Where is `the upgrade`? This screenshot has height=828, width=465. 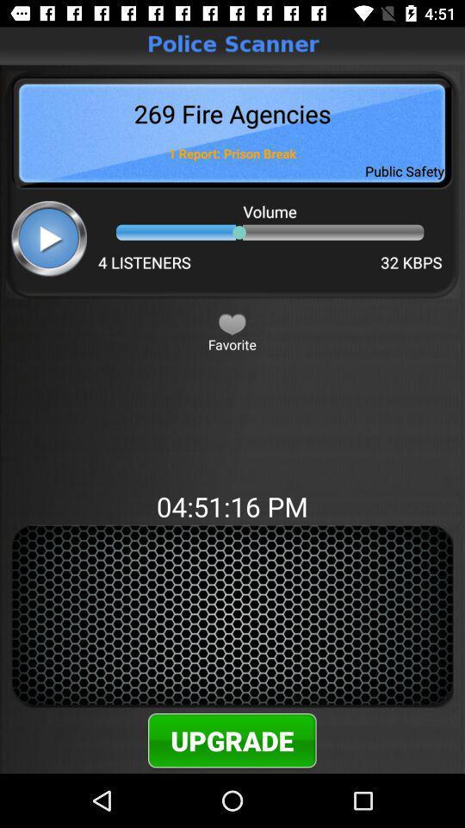
the upgrade is located at coordinates (232, 739).